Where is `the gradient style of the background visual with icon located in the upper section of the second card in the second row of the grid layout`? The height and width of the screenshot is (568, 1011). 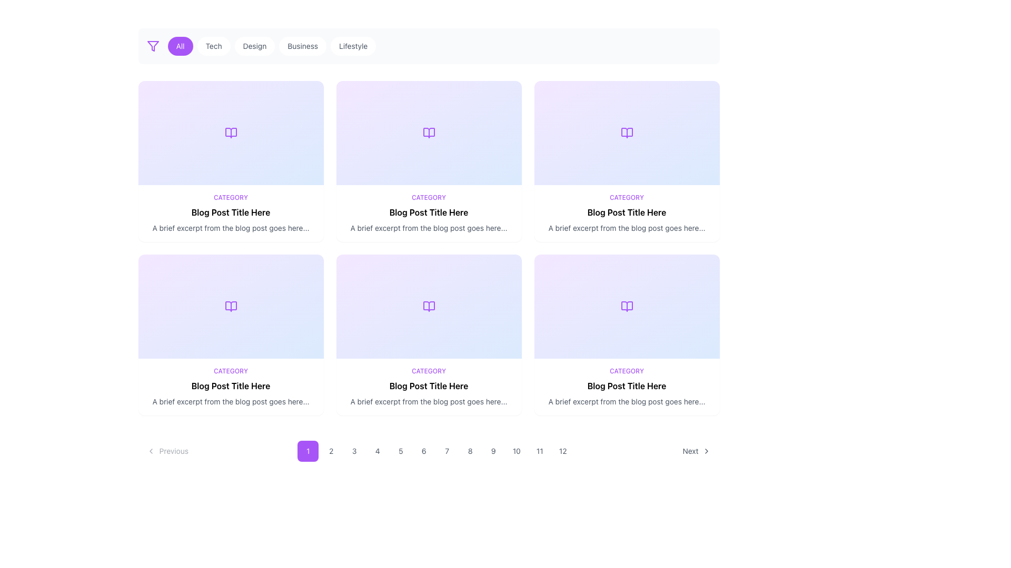
the gradient style of the background visual with icon located in the upper section of the second card in the second row of the grid layout is located at coordinates (230, 306).